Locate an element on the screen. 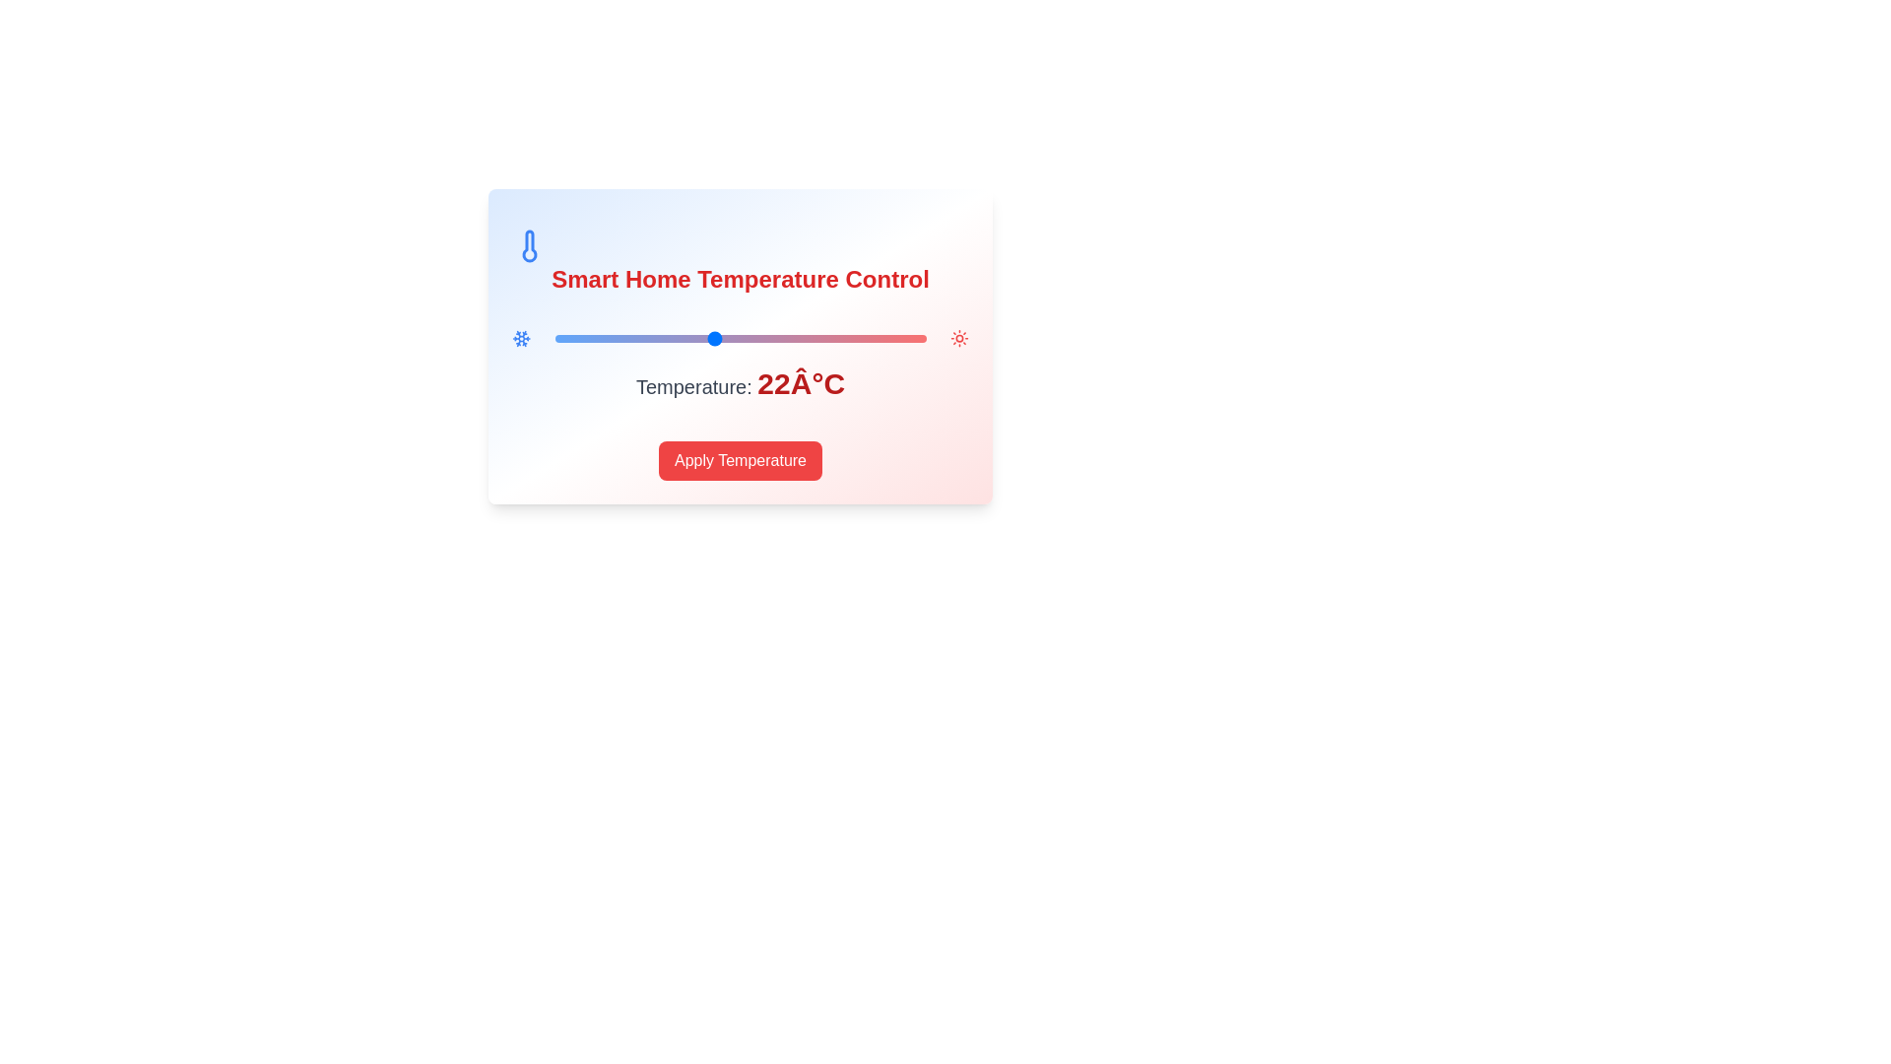 This screenshot has height=1064, width=1891. the header text to examine its content is located at coordinates (740, 261).